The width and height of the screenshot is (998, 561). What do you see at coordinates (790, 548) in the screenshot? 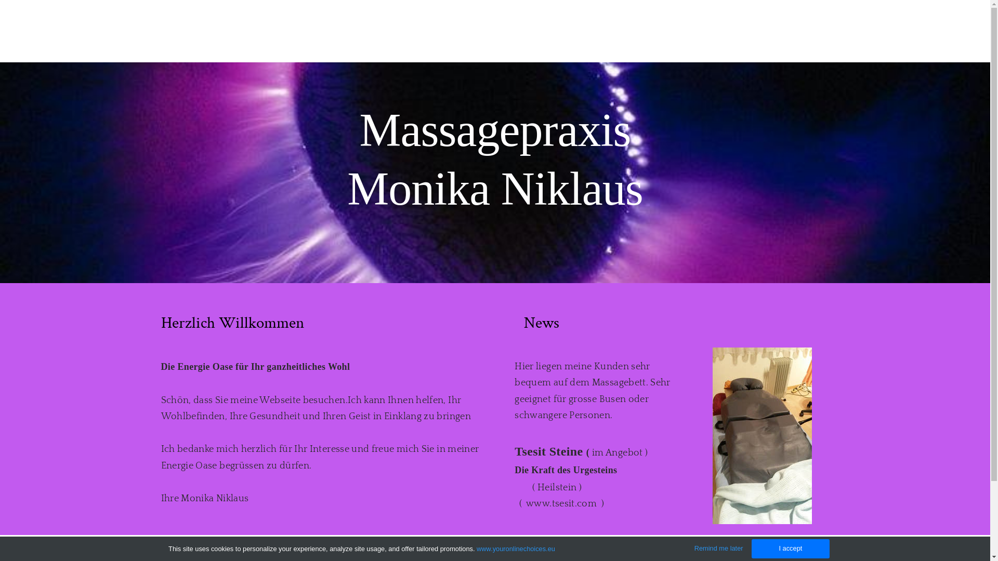
I see `'I accept'` at bounding box center [790, 548].